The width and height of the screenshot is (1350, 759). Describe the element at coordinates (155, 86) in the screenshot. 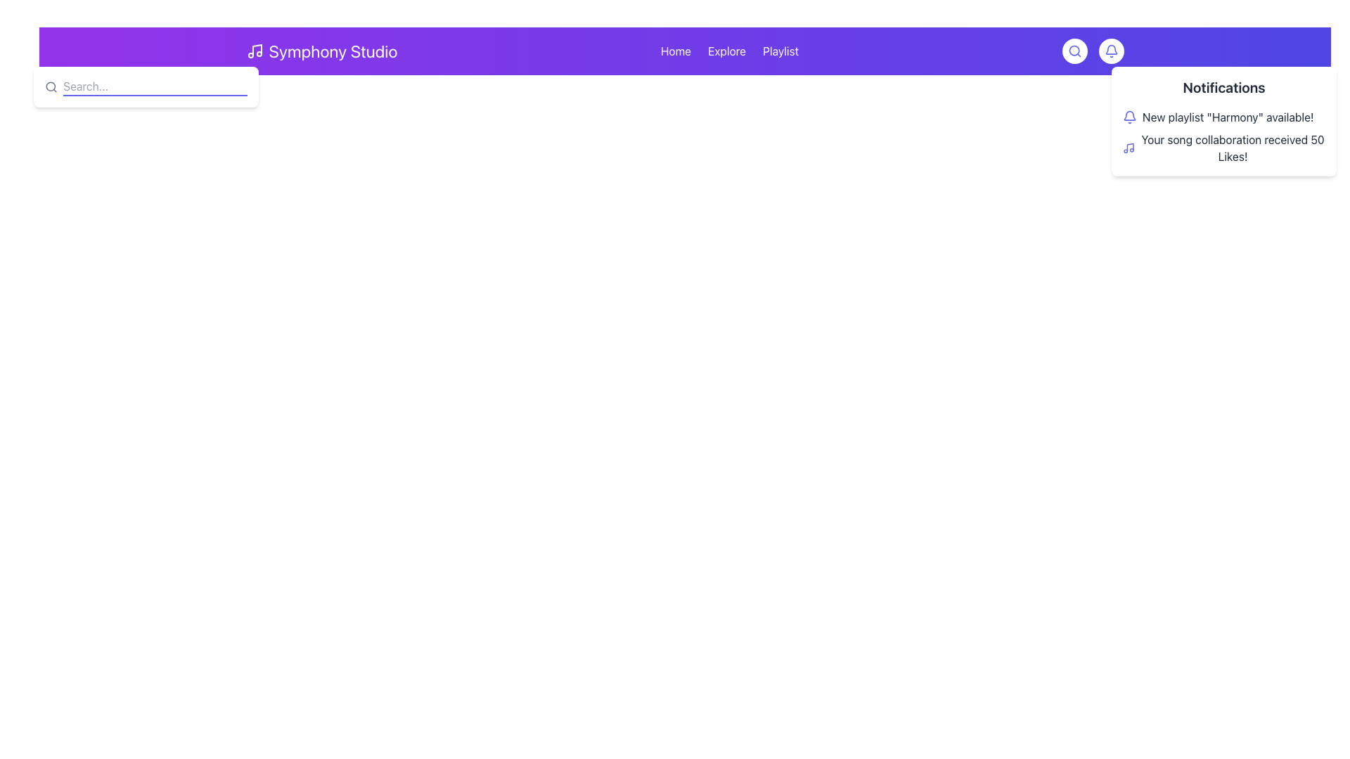

I see `the Text Input Field located to the right of the search icon to activate it for text input` at that location.